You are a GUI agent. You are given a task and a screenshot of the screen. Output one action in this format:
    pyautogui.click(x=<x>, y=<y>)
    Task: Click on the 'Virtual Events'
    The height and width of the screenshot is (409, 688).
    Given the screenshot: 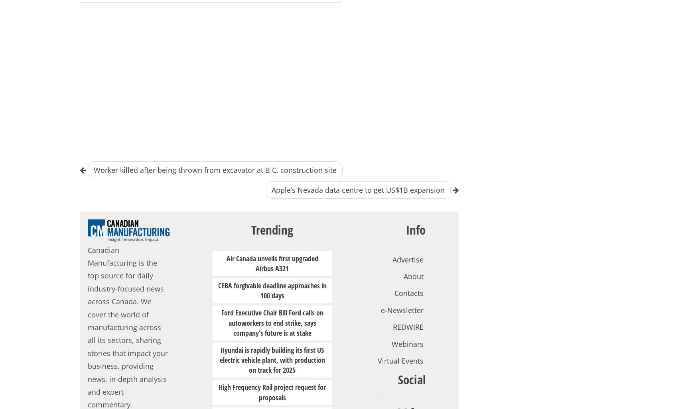 What is the action you would take?
    pyautogui.click(x=400, y=360)
    